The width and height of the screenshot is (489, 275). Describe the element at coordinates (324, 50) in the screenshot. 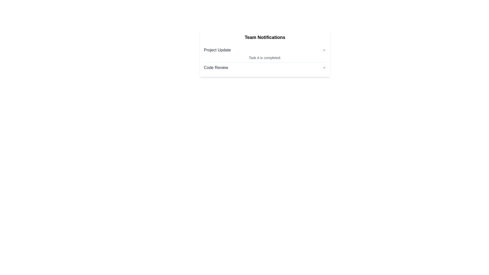

I see `the small triangular upward-pointing gray arrow icon located in the top-right corner next to the text 'Project Update' to change its appearance` at that location.